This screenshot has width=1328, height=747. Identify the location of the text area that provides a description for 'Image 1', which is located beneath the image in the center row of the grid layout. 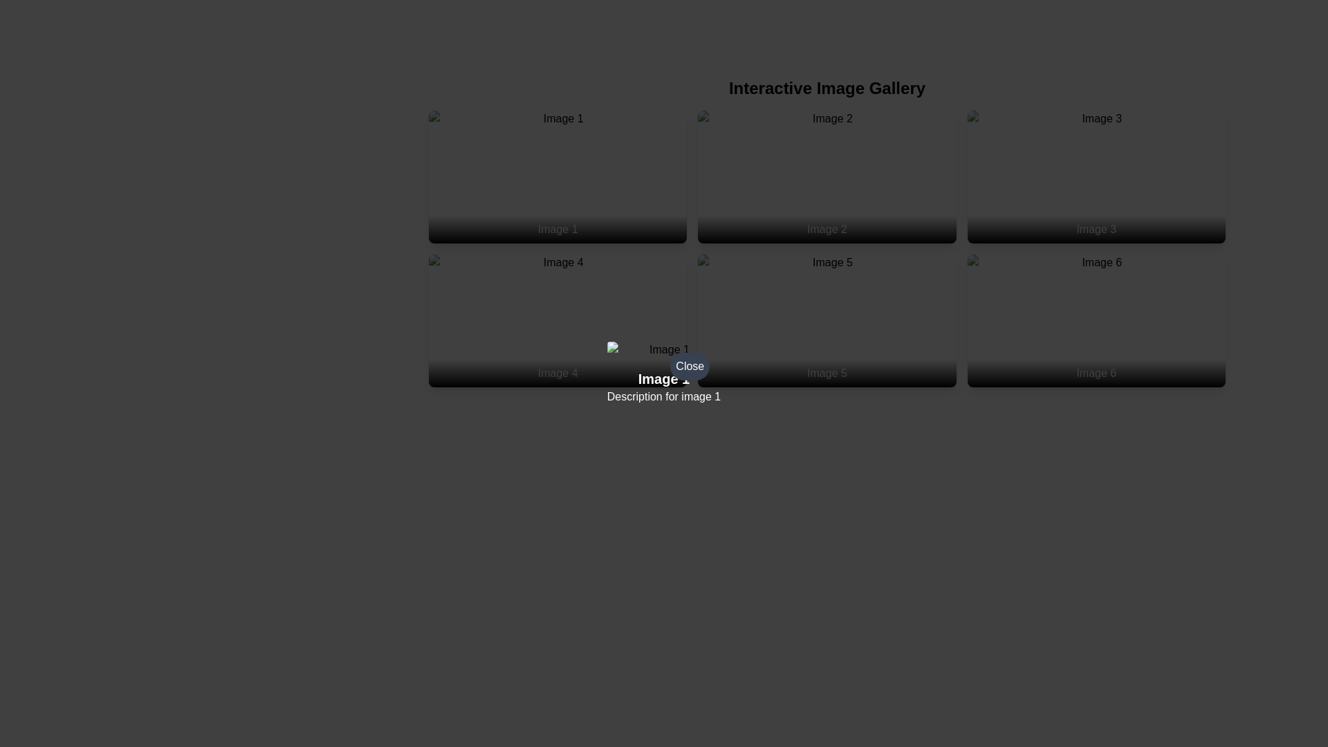
(664, 387).